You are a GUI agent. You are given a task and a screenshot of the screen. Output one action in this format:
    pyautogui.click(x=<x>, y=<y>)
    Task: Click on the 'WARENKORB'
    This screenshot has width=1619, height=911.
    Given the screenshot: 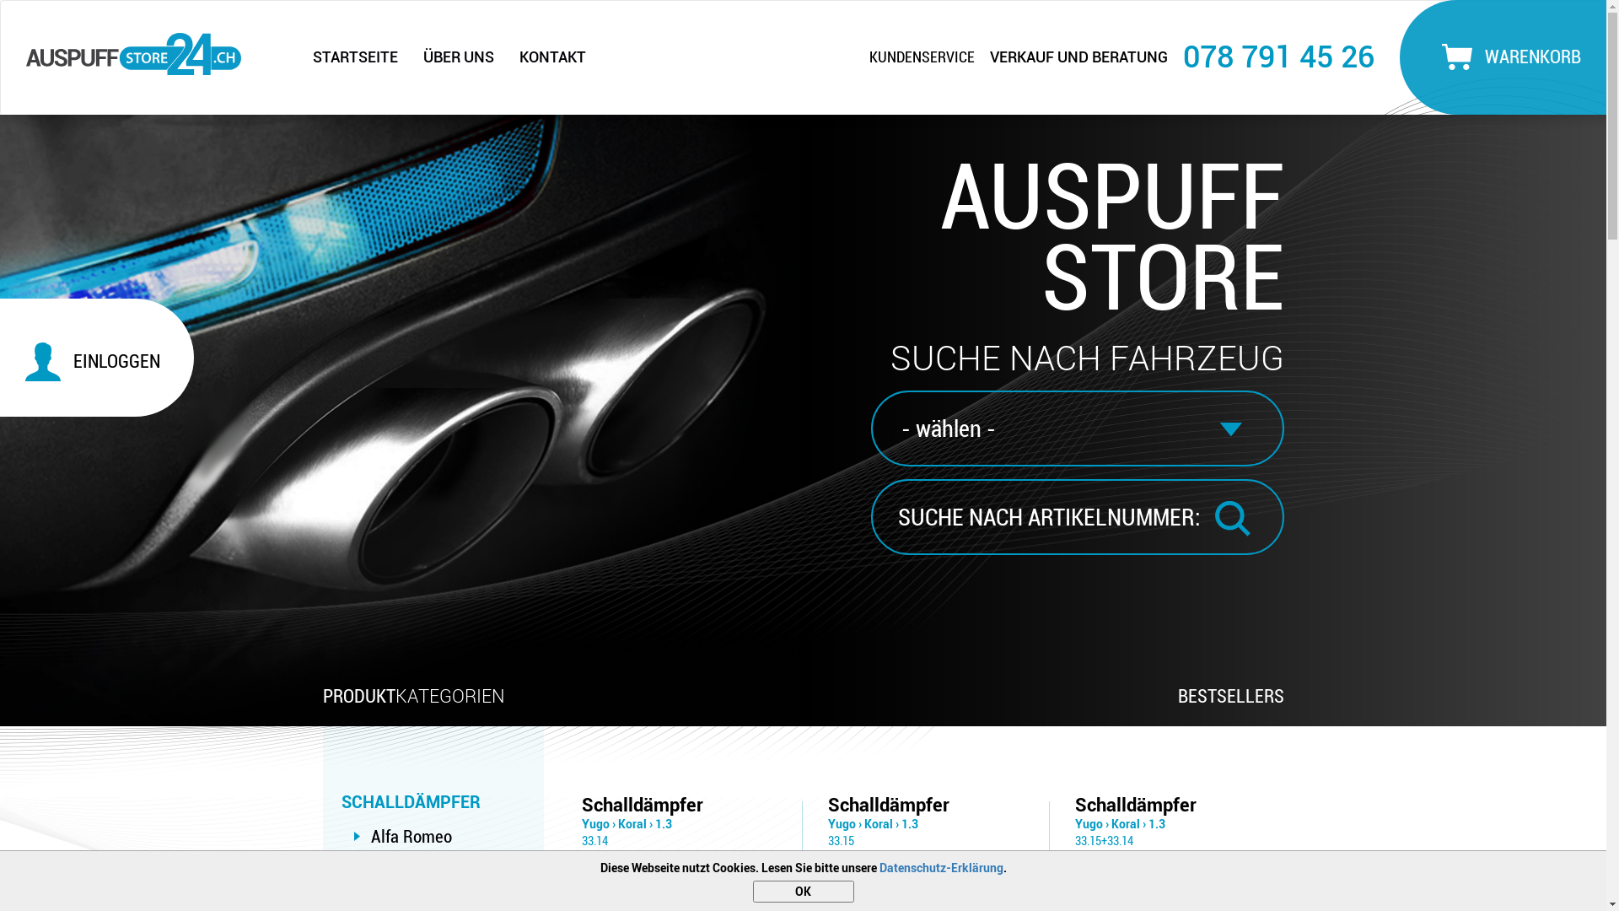 What is the action you would take?
    pyautogui.click(x=1507, y=56)
    